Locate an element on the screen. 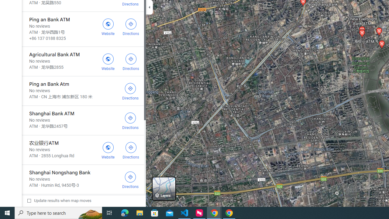 The width and height of the screenshot is (389, 219). 'Visit Ping an Bank ATM' is located at coordinates (108, 26).